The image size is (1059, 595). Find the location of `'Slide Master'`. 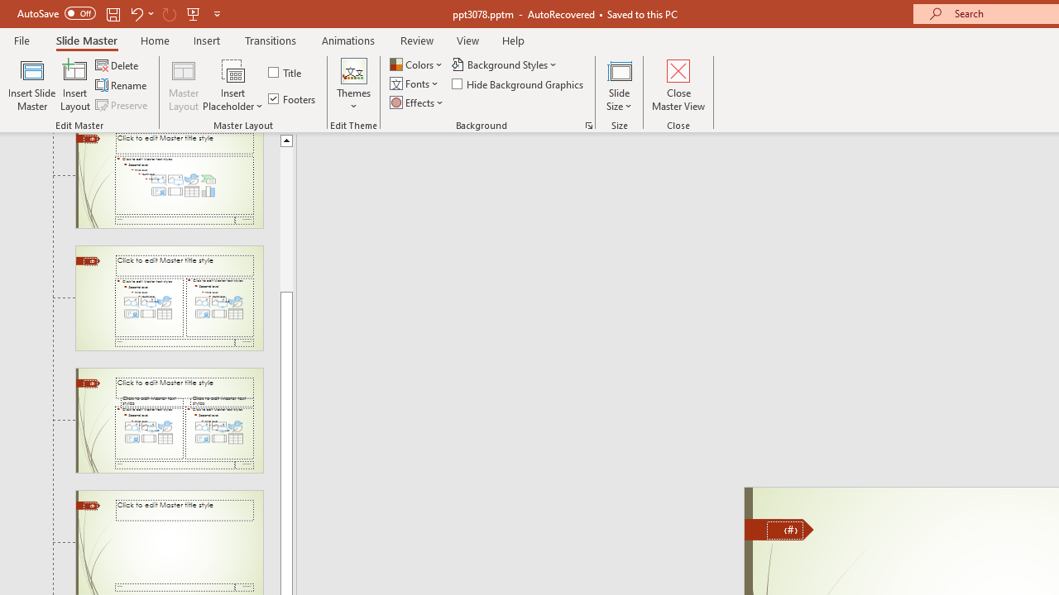

'Slide Master' is located at coordinates (85, 40).